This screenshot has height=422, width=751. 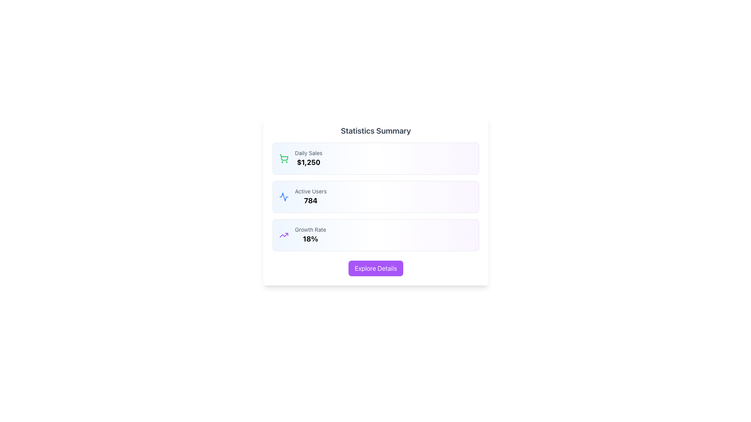 What do you see at coordinates (310, 234) in the screenshot?
I see `the text display element showing 'Growth Rate' with a value of '18%' which is the third card in a vertical list located in the lower section of the central area of the interface` at bounding box center [310, 234].